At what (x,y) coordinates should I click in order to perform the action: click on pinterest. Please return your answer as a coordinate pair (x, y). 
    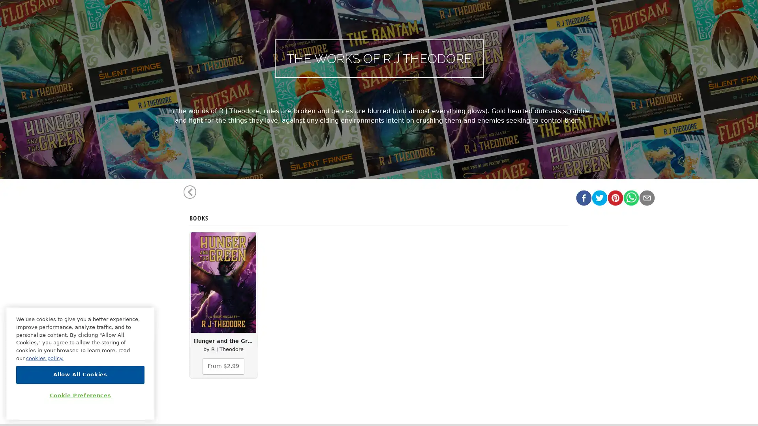
    Looking at the image, I should click on (615, 197).